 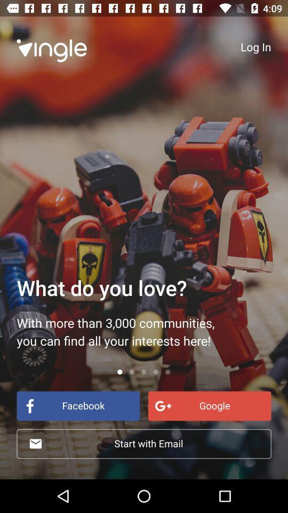 I want to click on the start with email, so click(x=144, y=444).